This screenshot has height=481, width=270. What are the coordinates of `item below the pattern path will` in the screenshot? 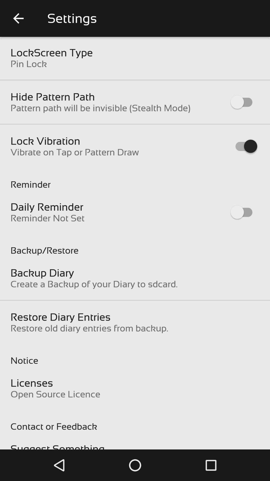 It's located at (45, 141).